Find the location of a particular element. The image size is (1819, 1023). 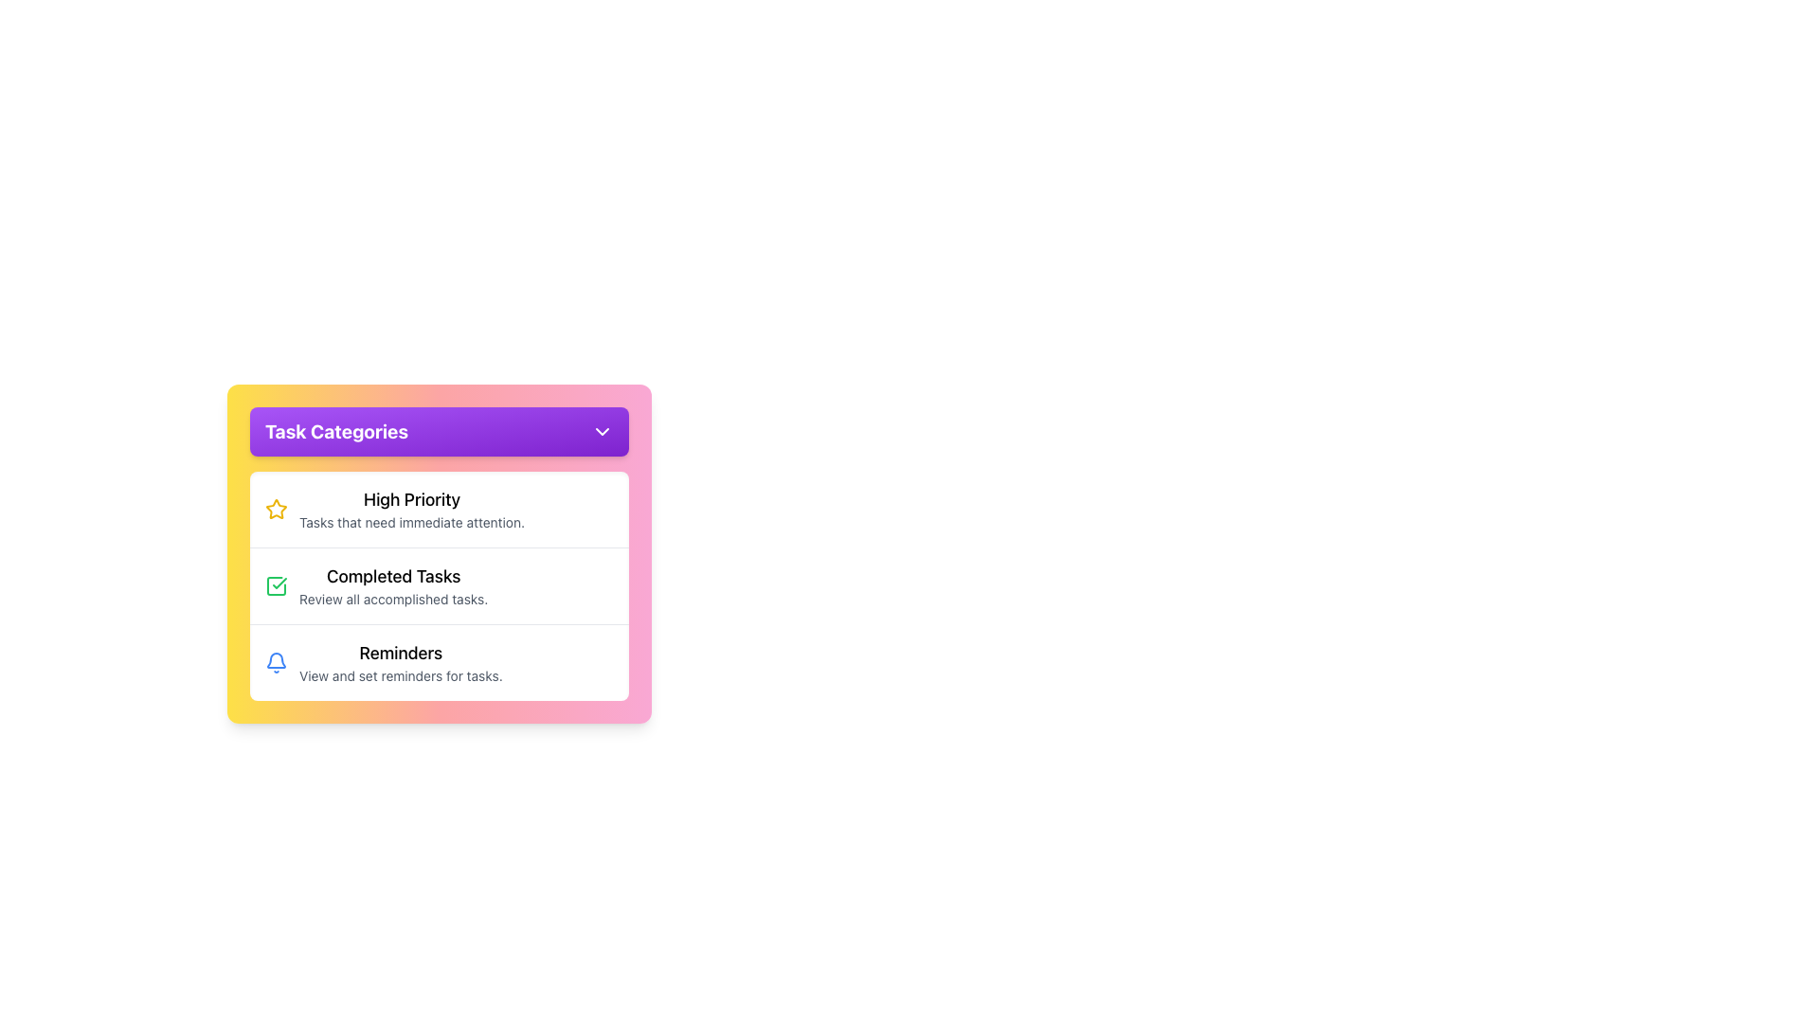

the 'Completed Tasks' text label is located at coordinates (392, 576).